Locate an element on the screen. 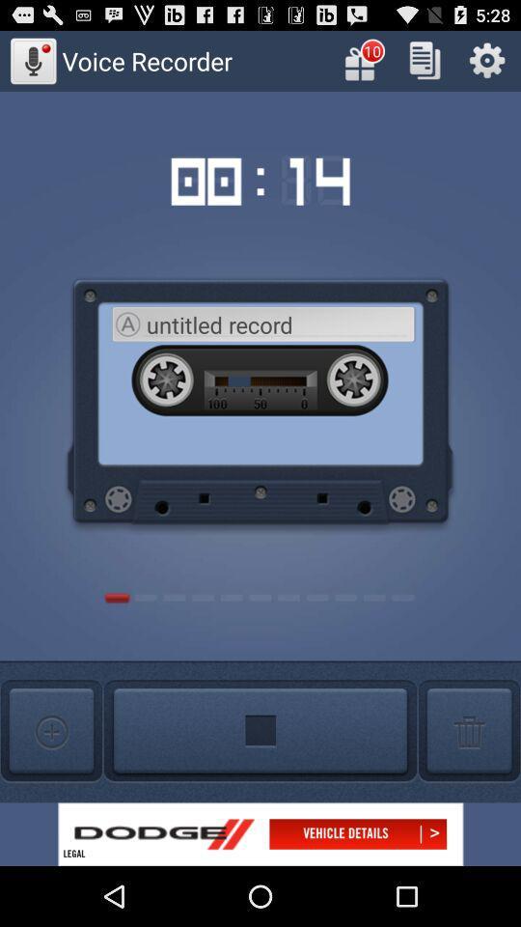  delete button is located at coordinates (468, 730).